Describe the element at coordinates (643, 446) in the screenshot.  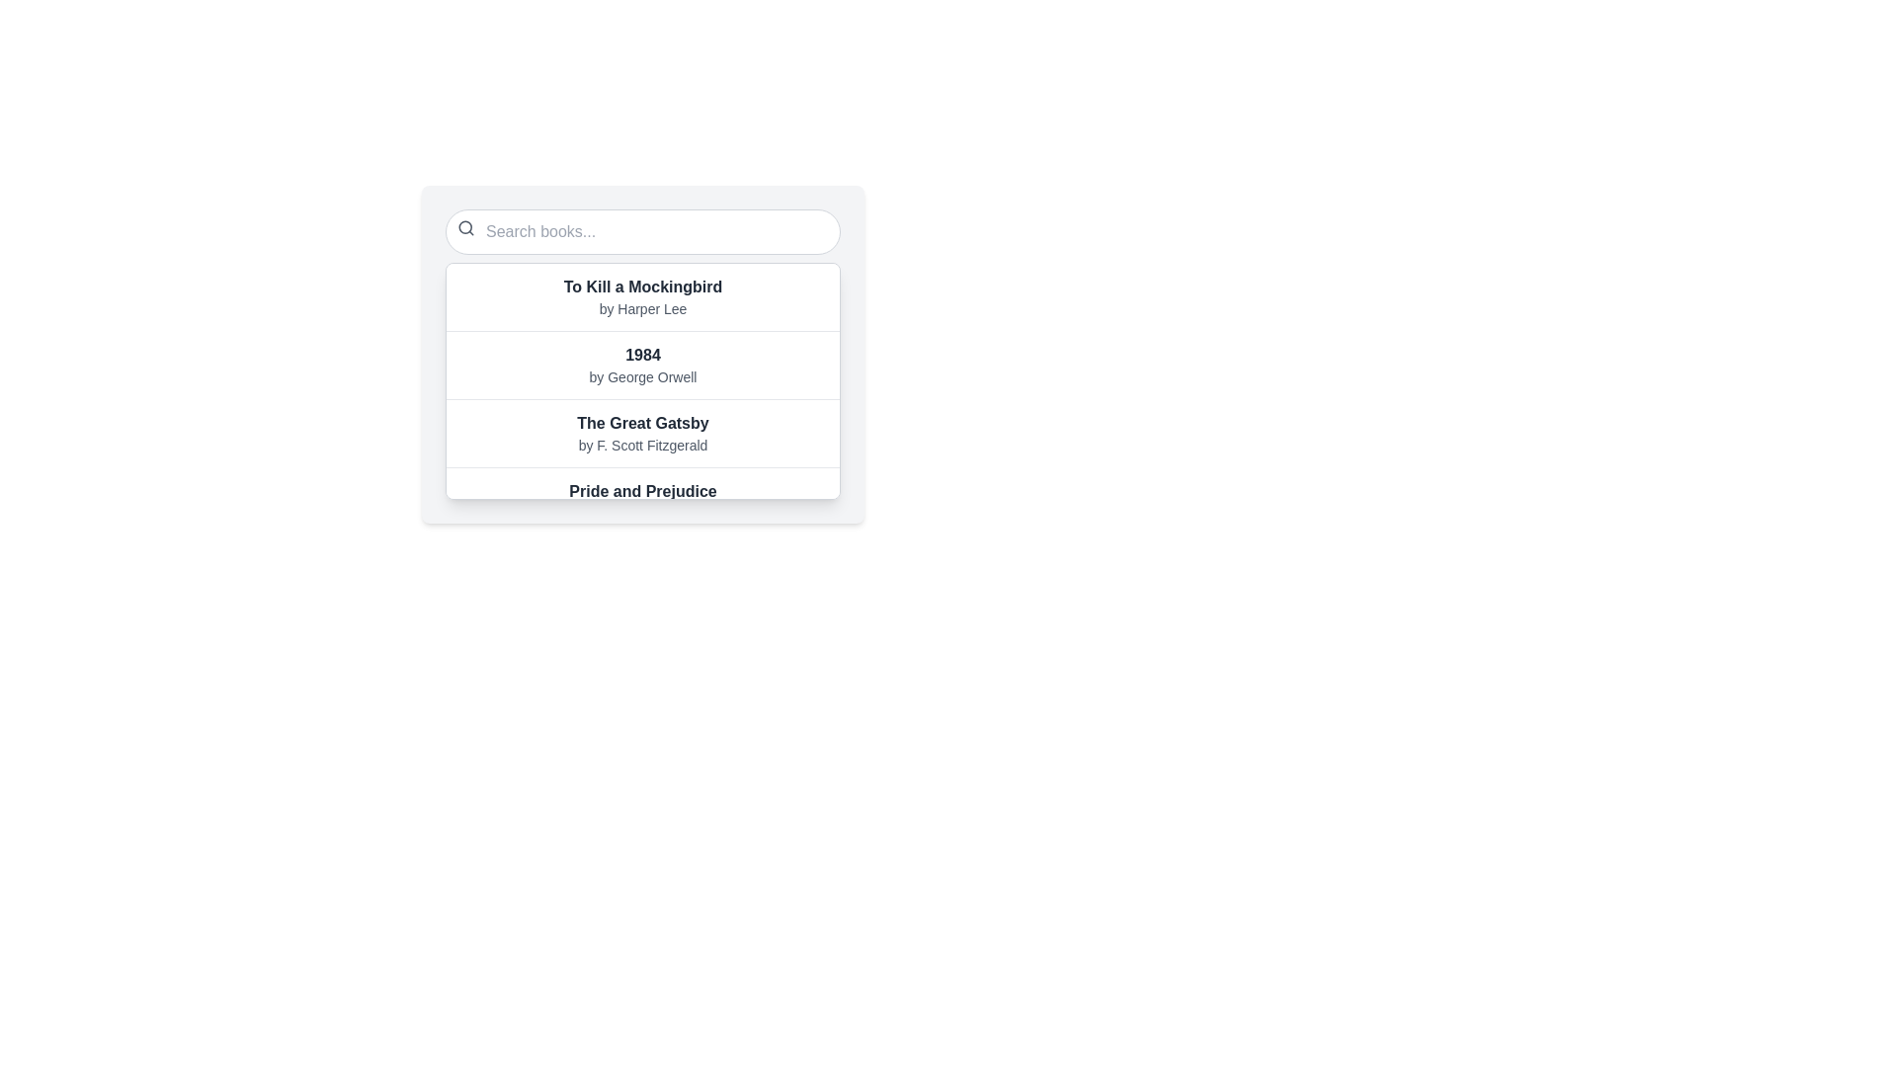
I see `the static text label that provides information about the author of 'The Great Gatsby', located underneath the primary title` at that location.